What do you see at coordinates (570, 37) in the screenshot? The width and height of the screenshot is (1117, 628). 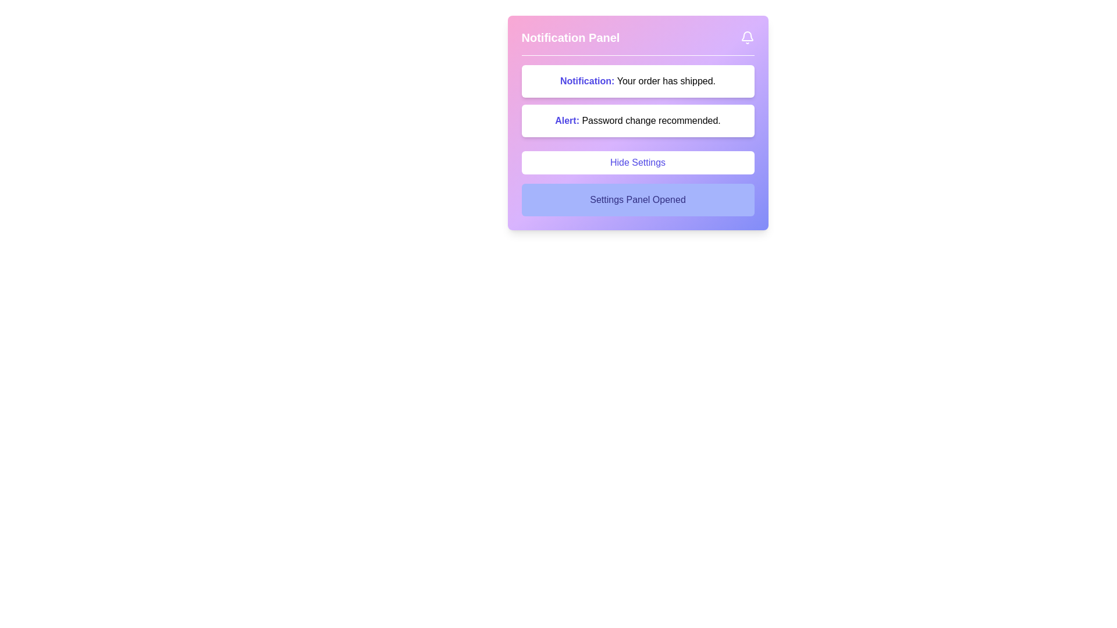 I see `the 'Notification Panel' text label, which is a prominent heading at the top-left of the notification modal, displaying in bold white font against a gradient background` at bounding box center [570, 37].